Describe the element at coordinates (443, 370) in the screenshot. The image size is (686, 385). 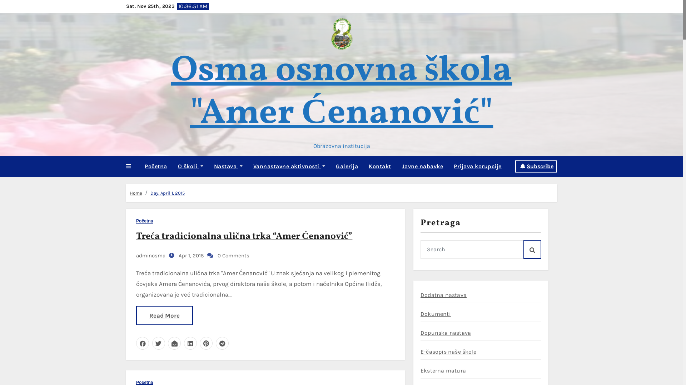
I see `'Eksterna matura'` at that location.